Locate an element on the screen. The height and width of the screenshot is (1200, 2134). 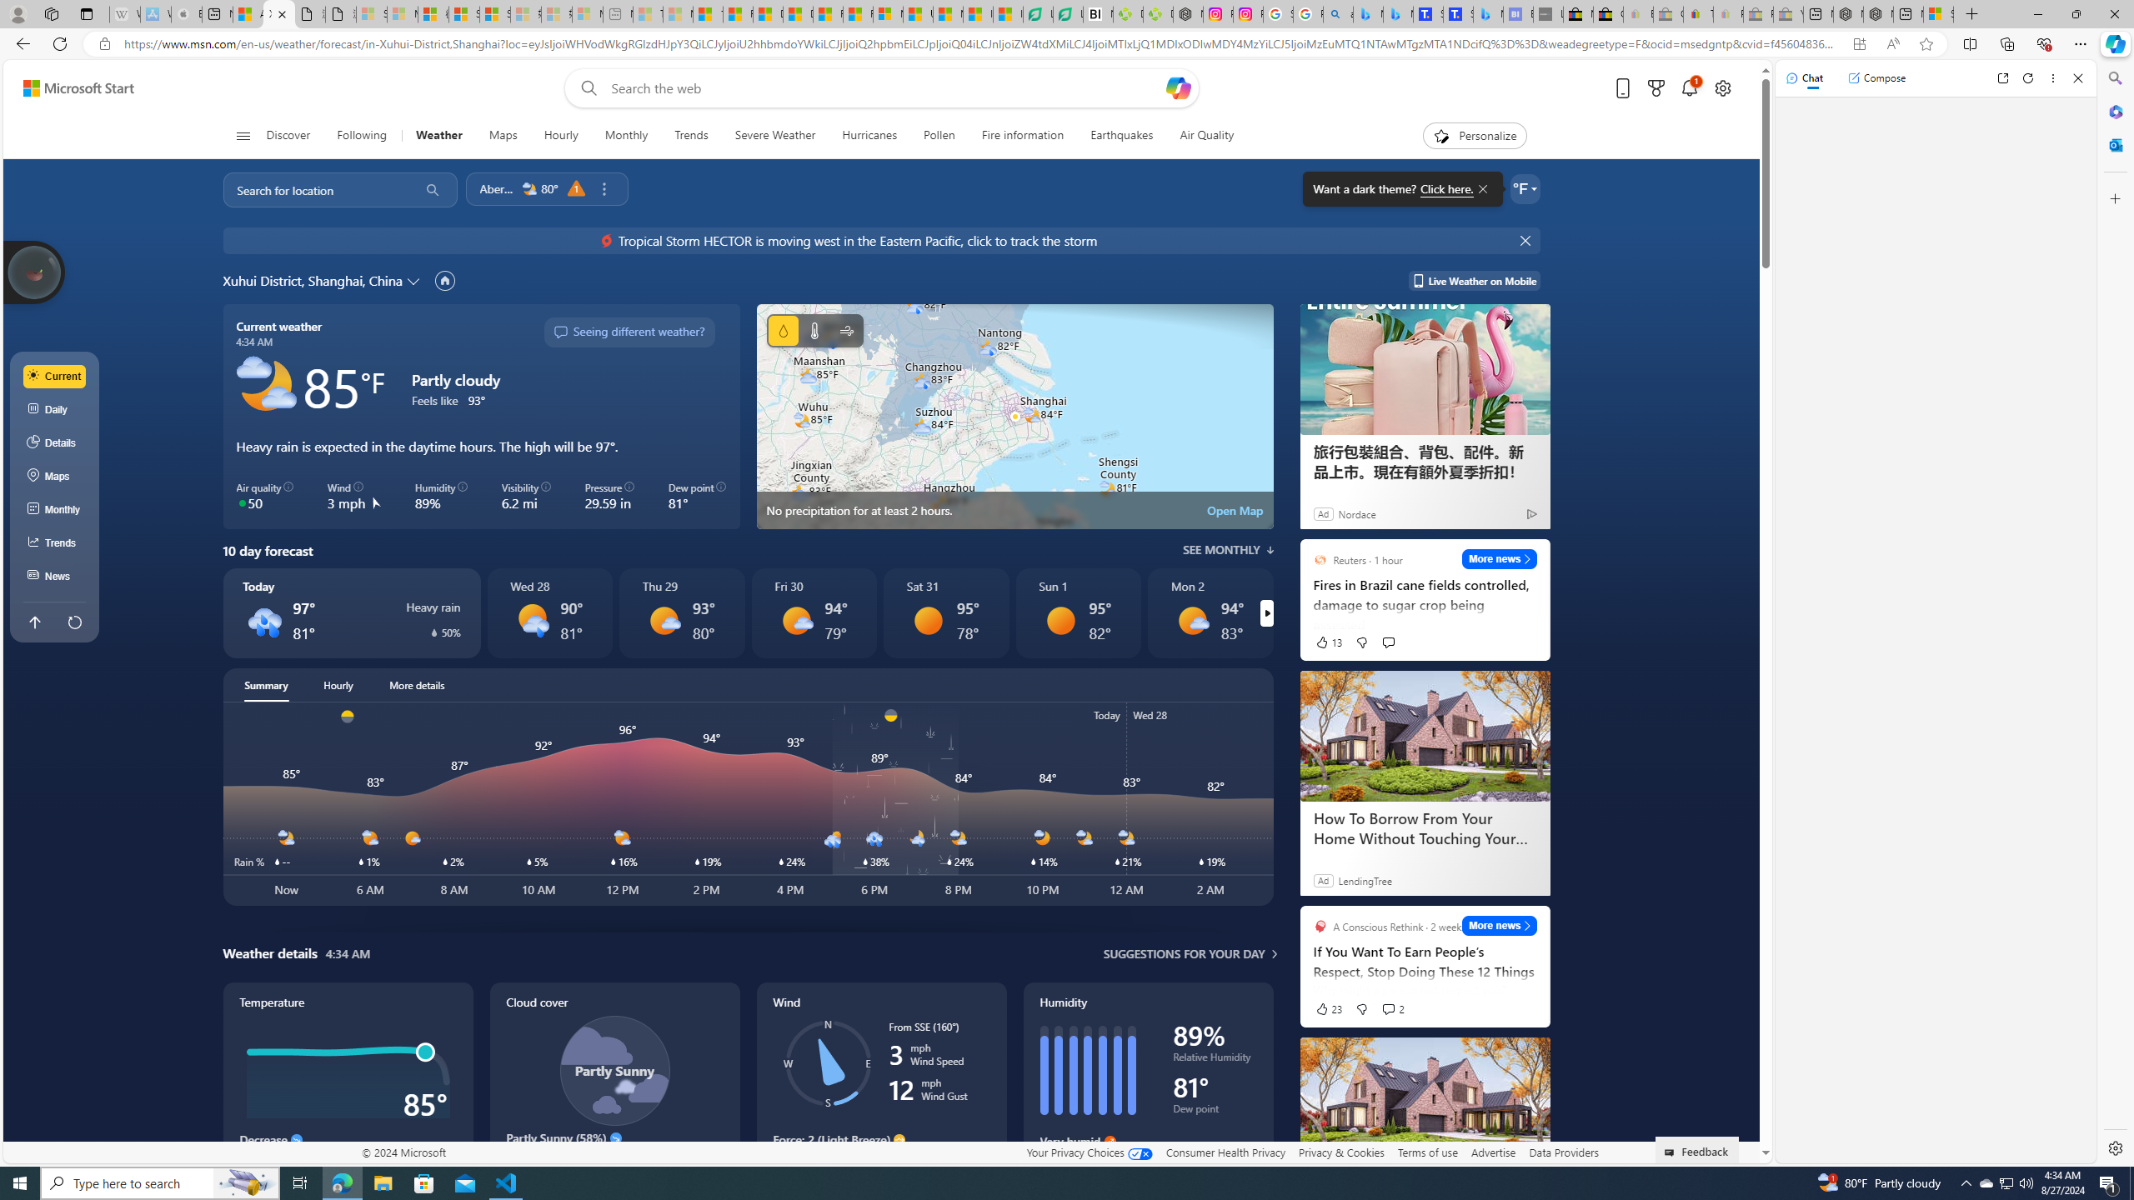
'Open Map' is located at coordinates (1235, 510).